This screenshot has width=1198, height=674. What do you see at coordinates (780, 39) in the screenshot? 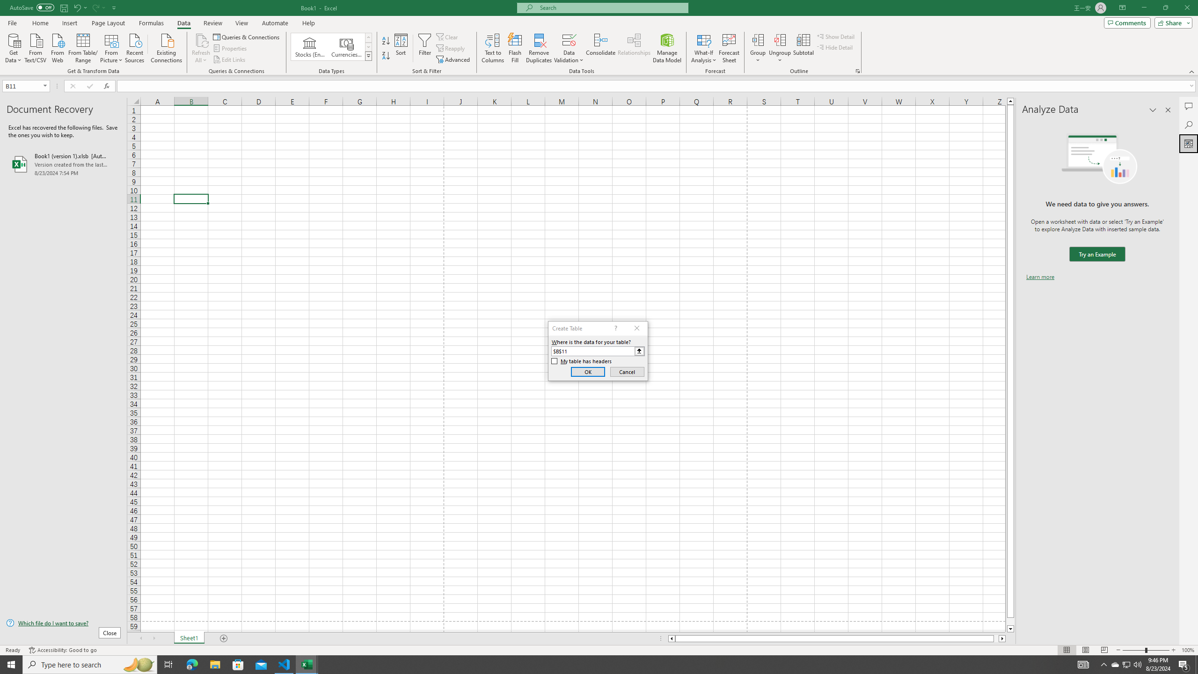
I see `'Ungroup...'` at bounding box center [780, 39].